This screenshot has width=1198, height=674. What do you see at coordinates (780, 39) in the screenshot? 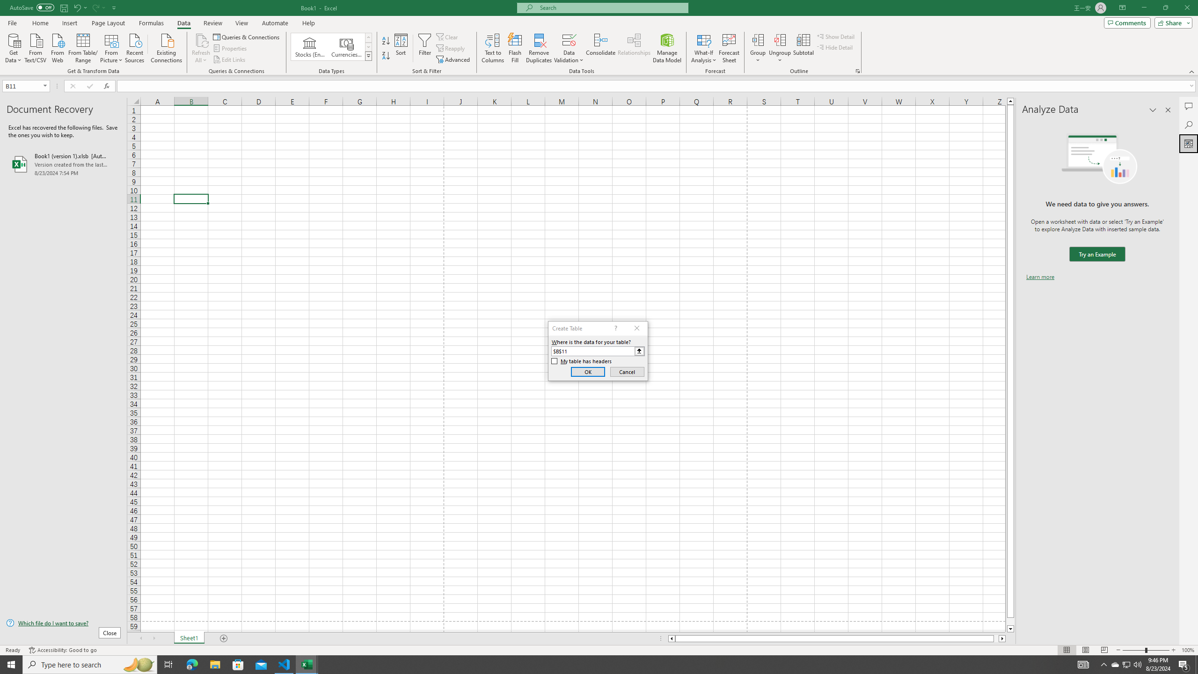
I see `'Ungroup...'` at bounding box center [780, 39].